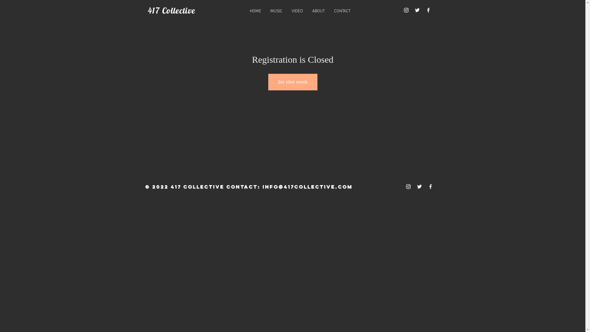  Describe the element at coordinates (297, 11) in the screenshot. I see `'VIDEO'` at that location.